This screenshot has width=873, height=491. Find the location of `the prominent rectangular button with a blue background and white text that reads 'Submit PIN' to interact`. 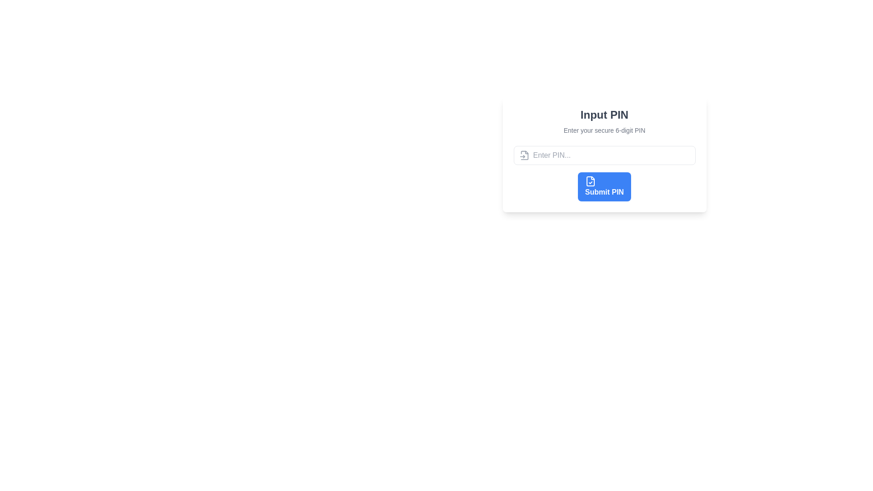

the prominent rectangular button with a blue background and white text that reads 'Submit PIN' to interact is located at coordinates (604, 173).